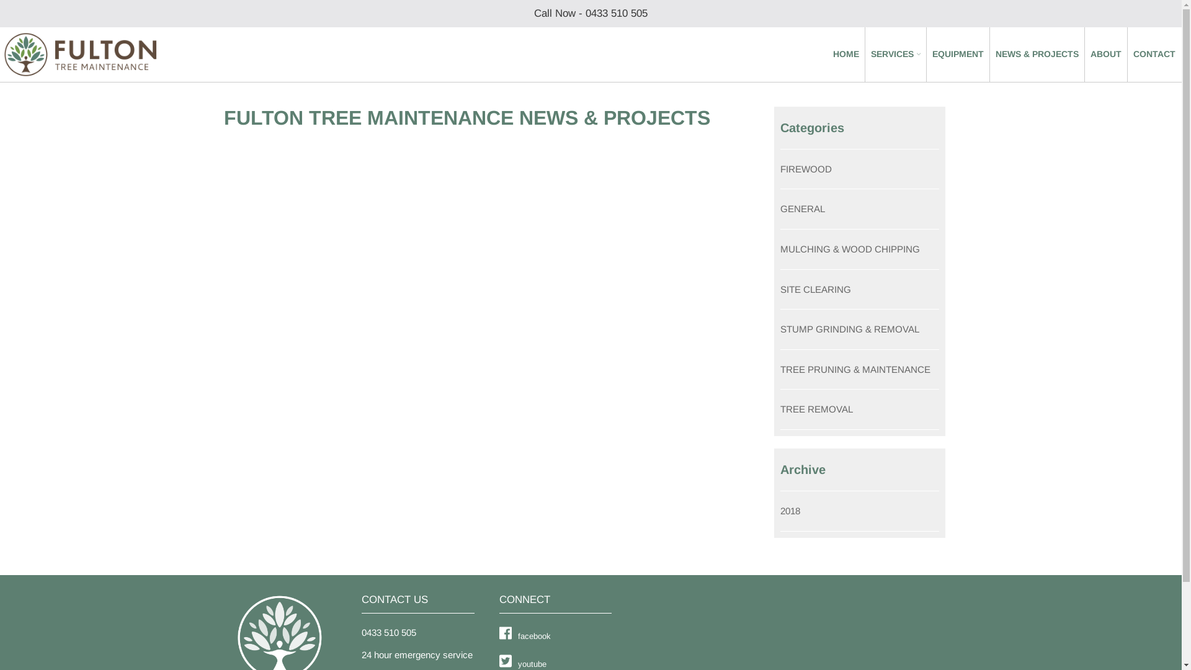  I want to click on 'STUMP GRINDING & REMOVAL', so click(849, 328).